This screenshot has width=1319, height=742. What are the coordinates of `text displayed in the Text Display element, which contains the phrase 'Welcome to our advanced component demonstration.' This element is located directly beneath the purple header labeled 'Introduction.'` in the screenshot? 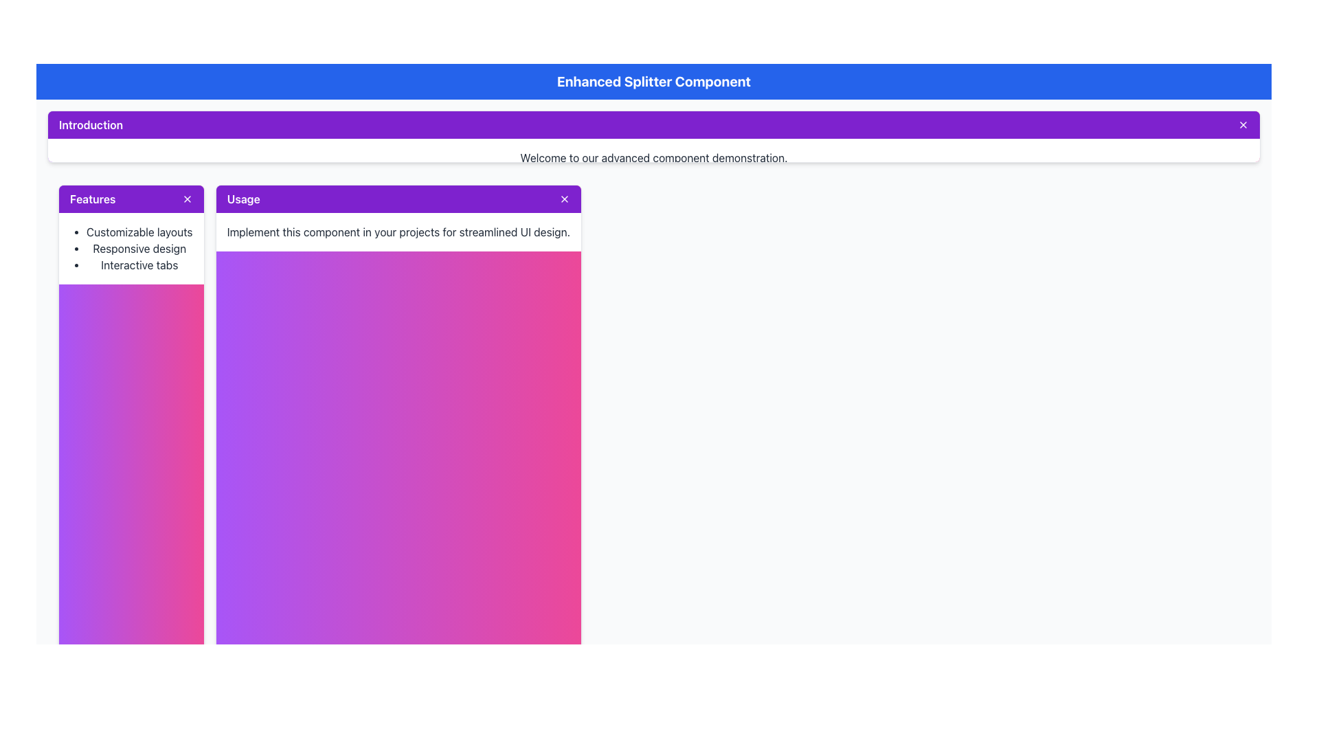 It's located at (653, 157).